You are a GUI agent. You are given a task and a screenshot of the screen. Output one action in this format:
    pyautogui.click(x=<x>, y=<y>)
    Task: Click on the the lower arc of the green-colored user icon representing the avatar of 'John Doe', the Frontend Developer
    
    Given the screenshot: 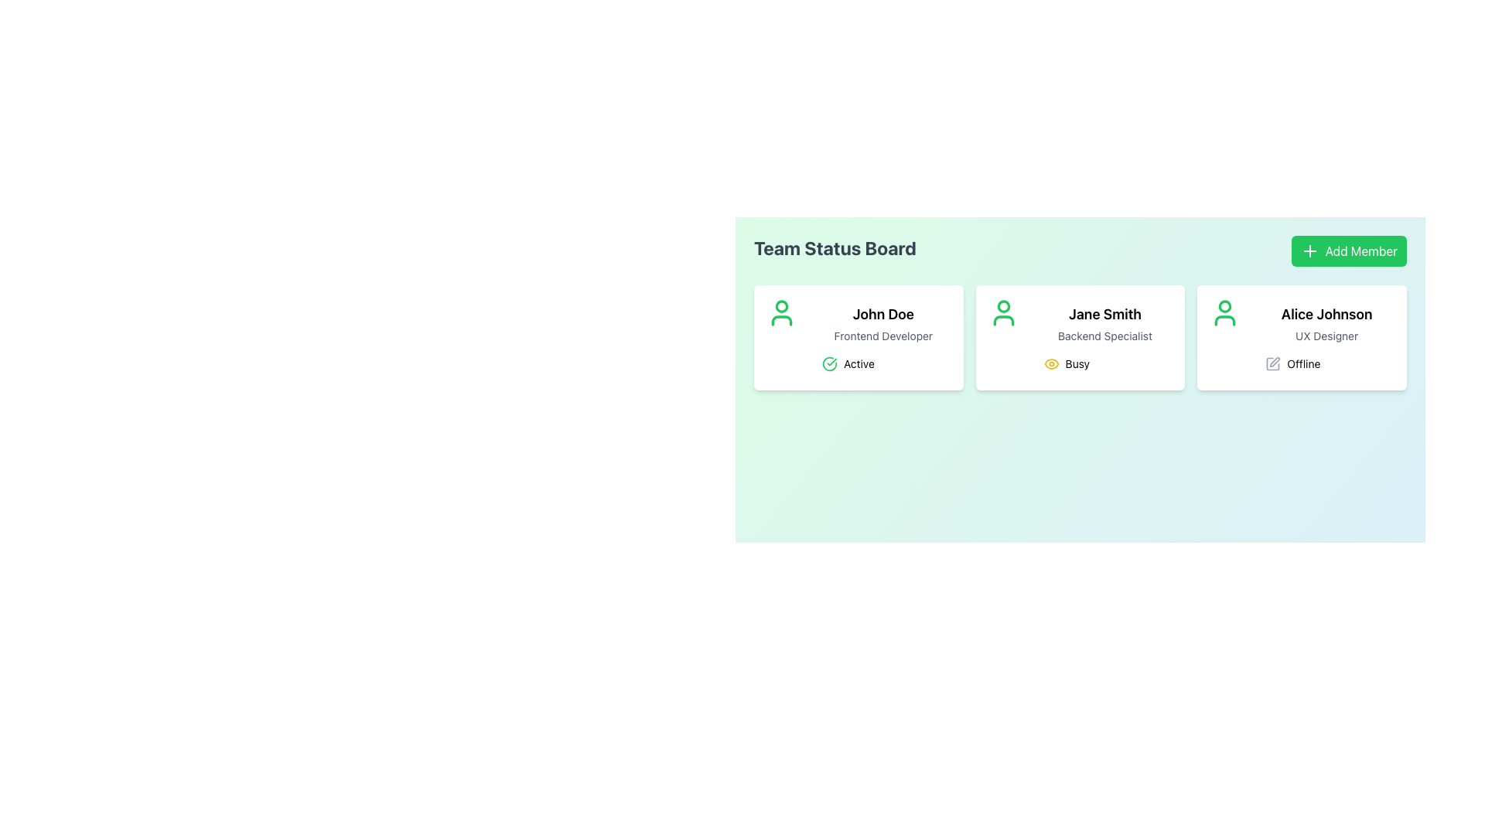 What is the action you would take?
    pyautogui.click(x=782, y=320)
    